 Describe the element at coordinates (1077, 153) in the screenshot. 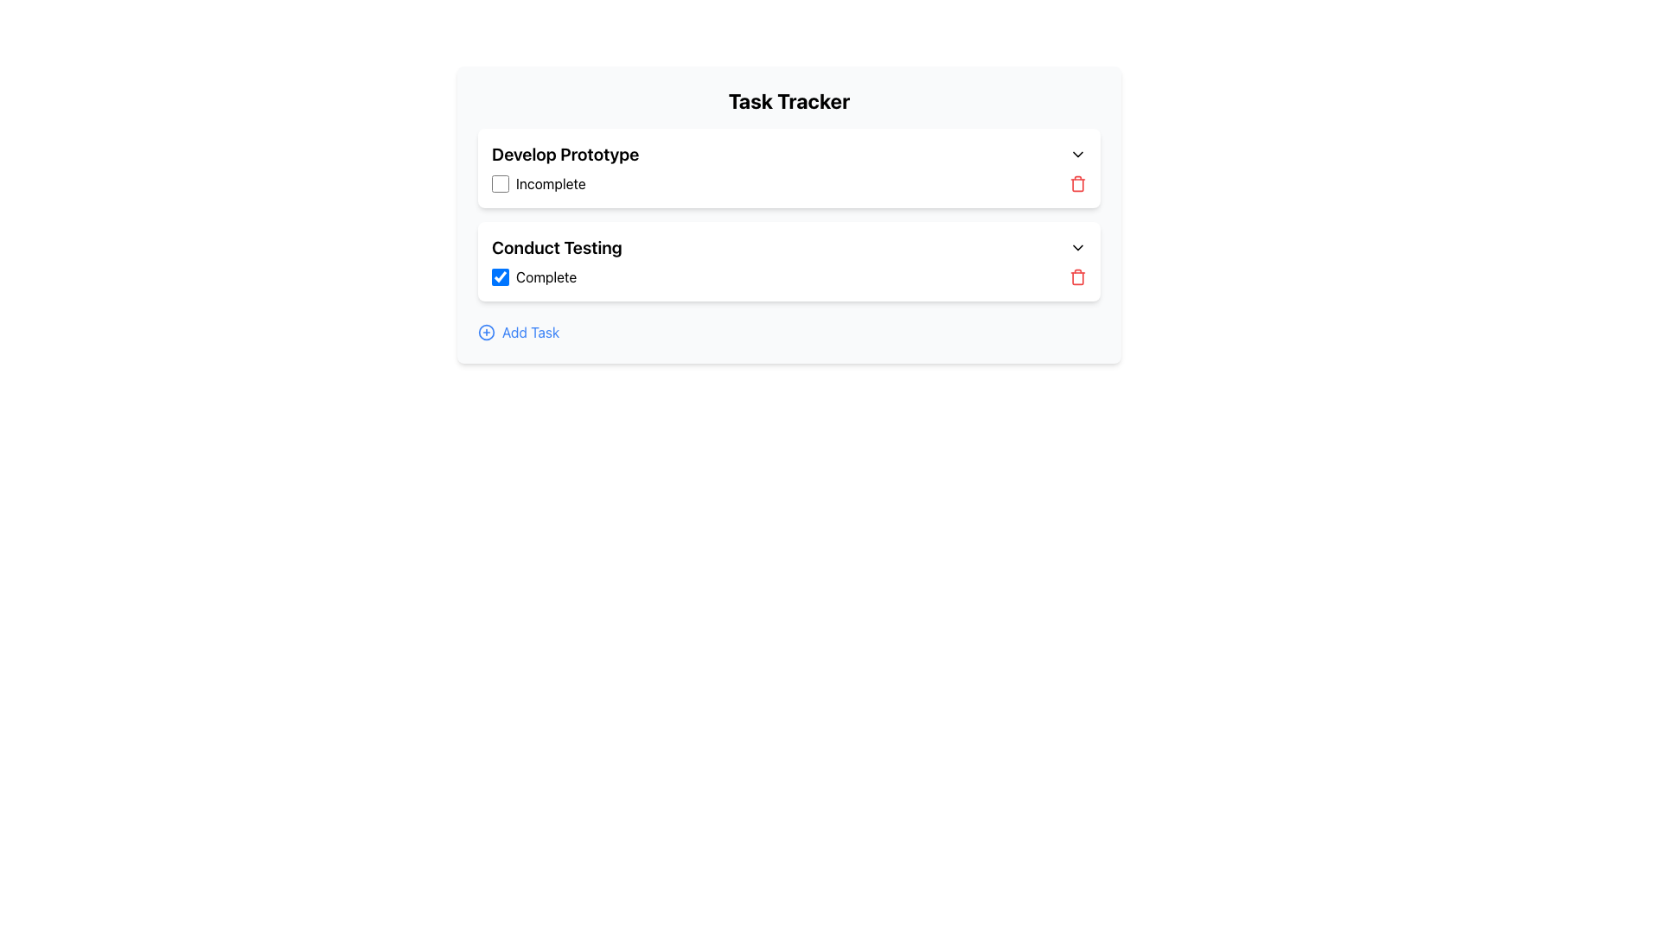

I see `the downward-pointing chevron icon on the right side of the 'Develop Prototype' task row` at that location.